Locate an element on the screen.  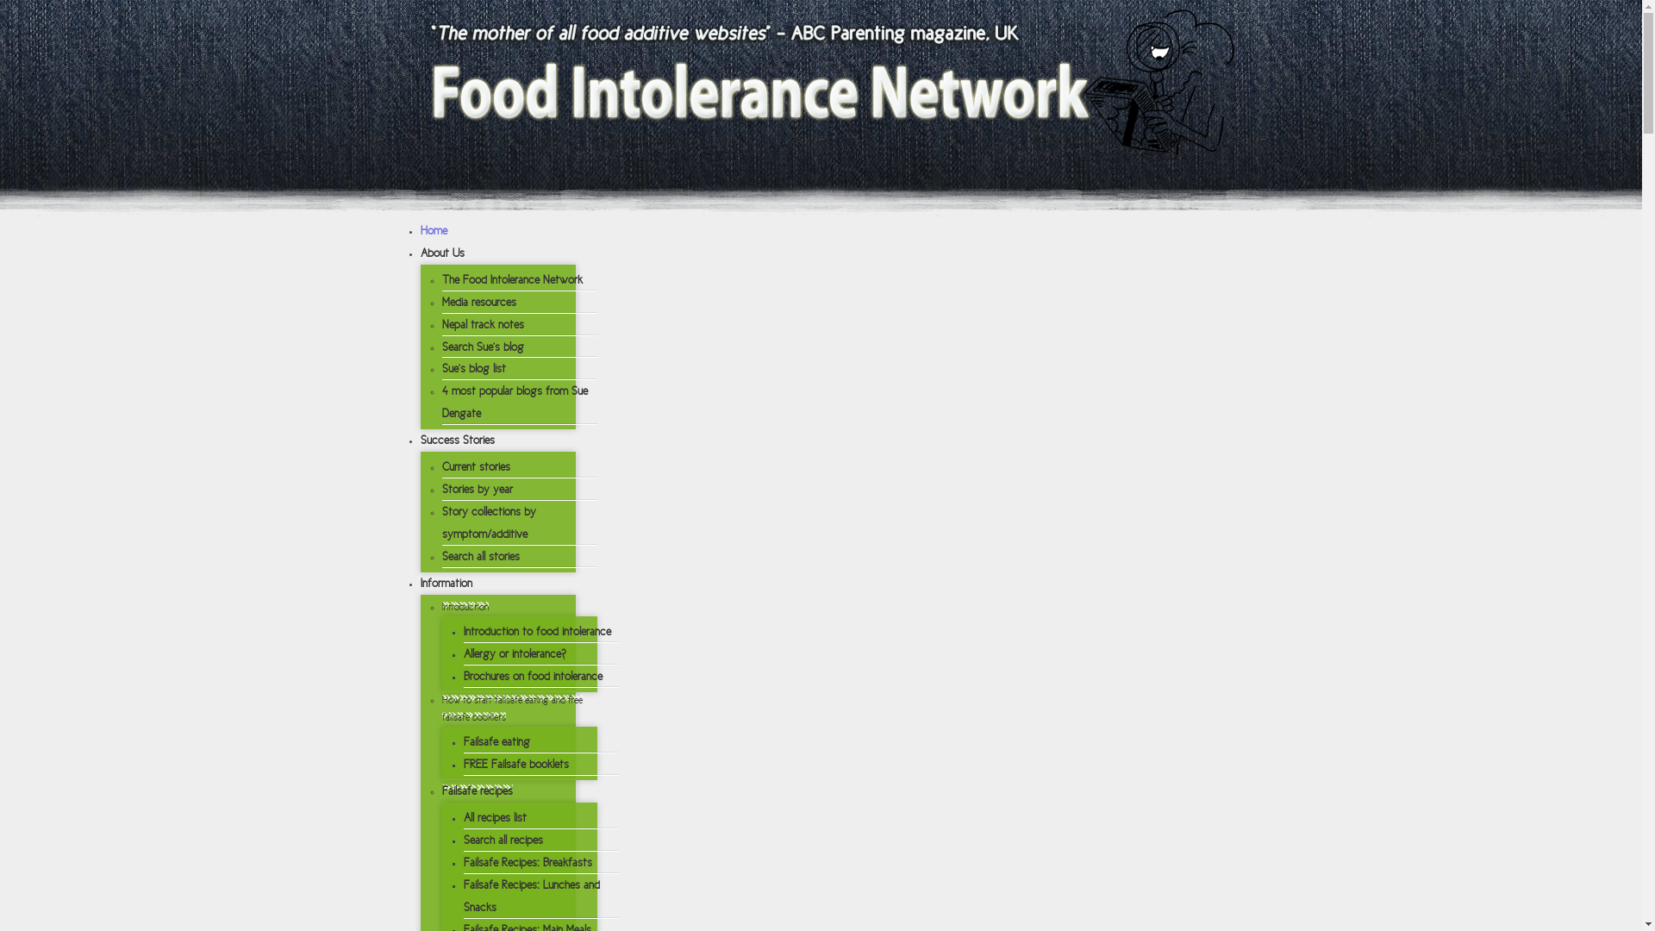
'Sue's blog list' is located at coordinates (472, 367).